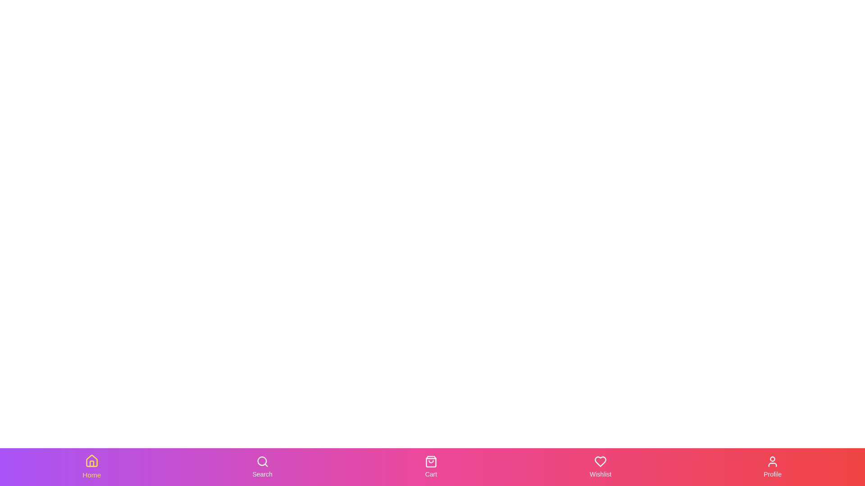 The image size is (865, 486). What do you see at coordinates (772, 466) in the screenshot?
I see `the Profile tab in the bottom navigation bar` at bounding box center [772, 466].